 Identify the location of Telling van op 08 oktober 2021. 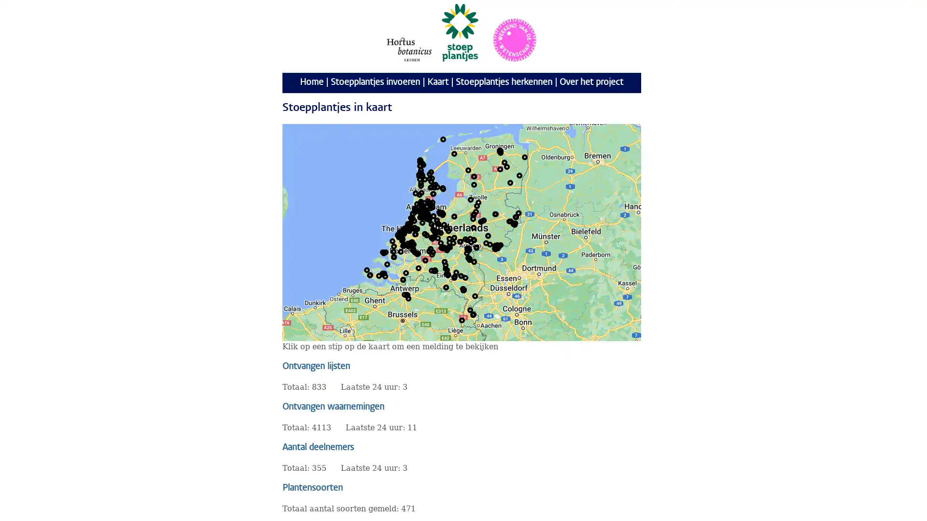
(414, 220).